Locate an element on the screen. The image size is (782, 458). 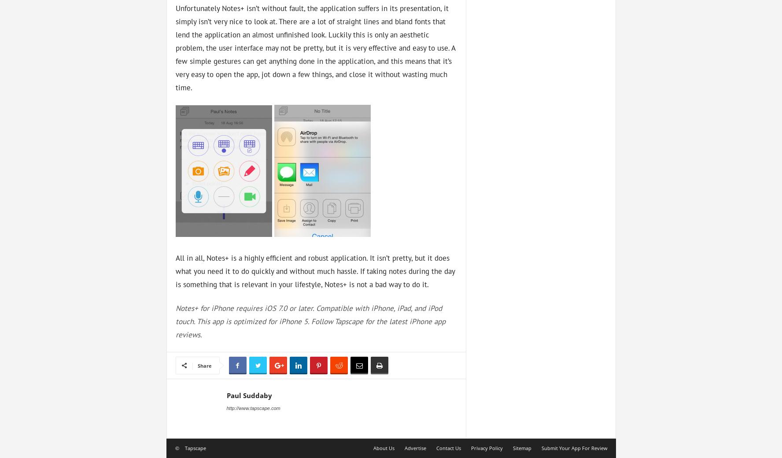
'Privacy Policy' is located at coordinates (486, 447).